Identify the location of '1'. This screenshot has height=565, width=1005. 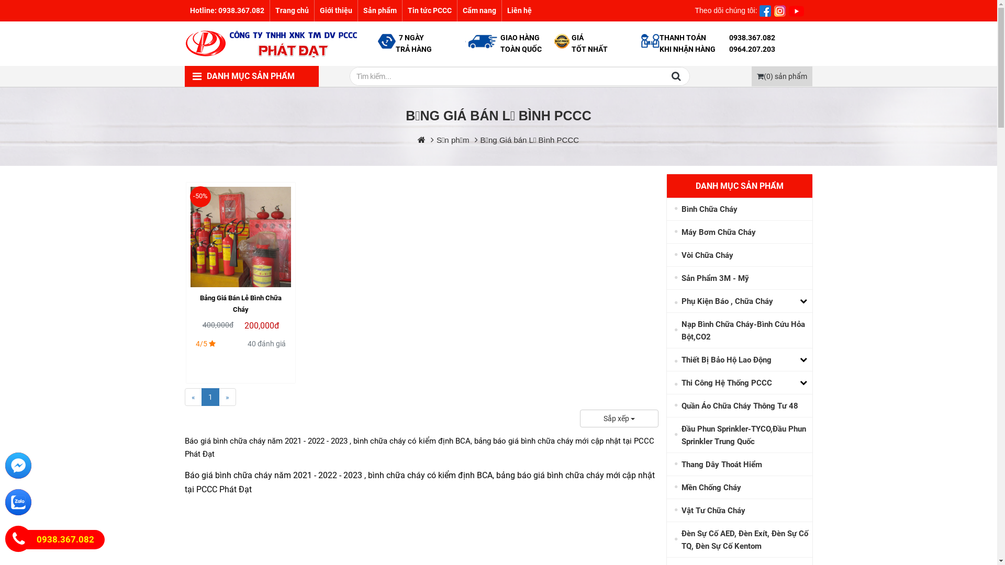
(209, 397).